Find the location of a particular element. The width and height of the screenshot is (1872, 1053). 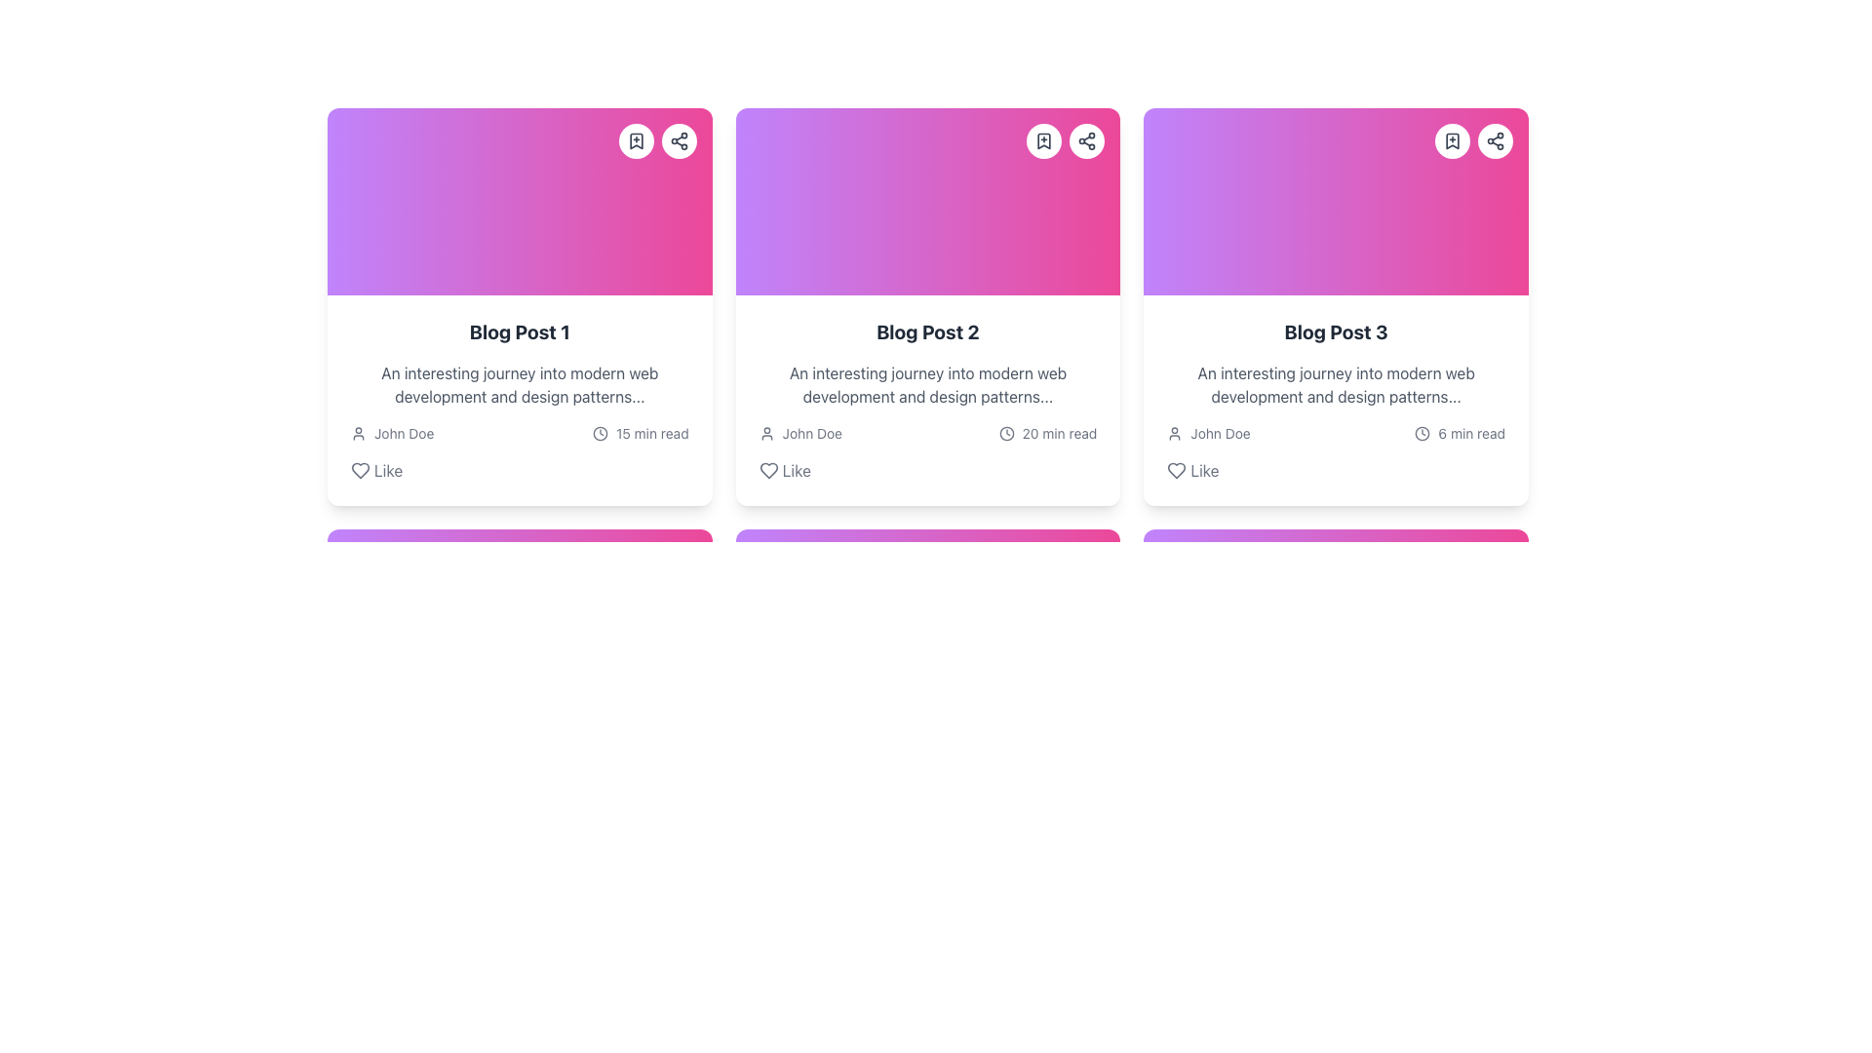

the heart-shaped 'Like' button located at the bottom-left corner of 'Blog Post 2' is located at coordinates (785, 470).